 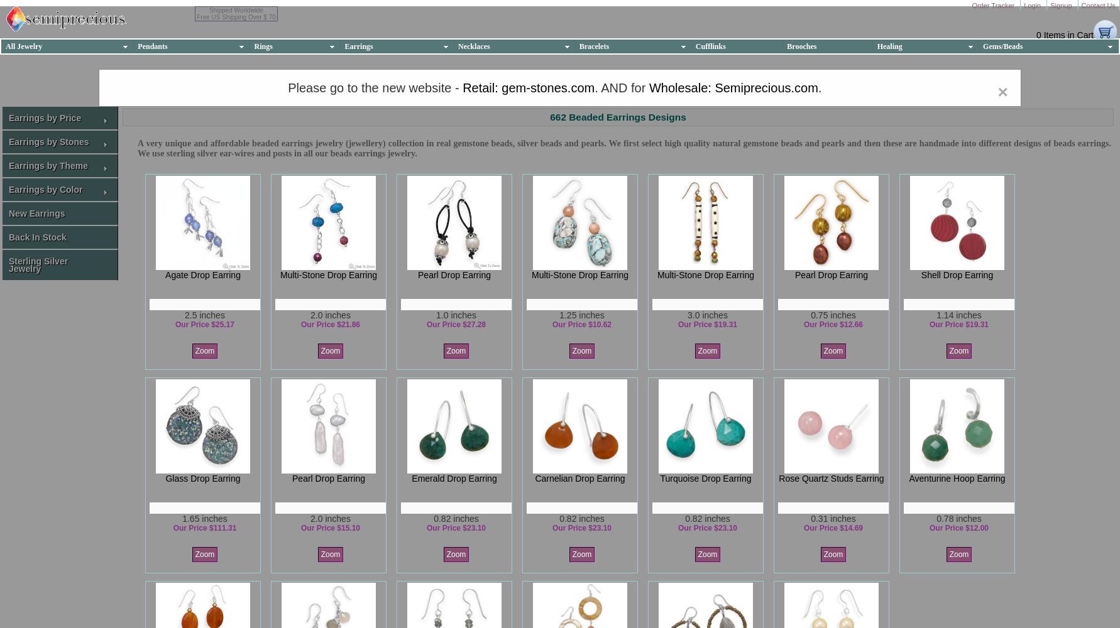 What do you see at coordinates (889, 45) in the screenshot?
I see `'Healing'` at bounding box center [889, 45].